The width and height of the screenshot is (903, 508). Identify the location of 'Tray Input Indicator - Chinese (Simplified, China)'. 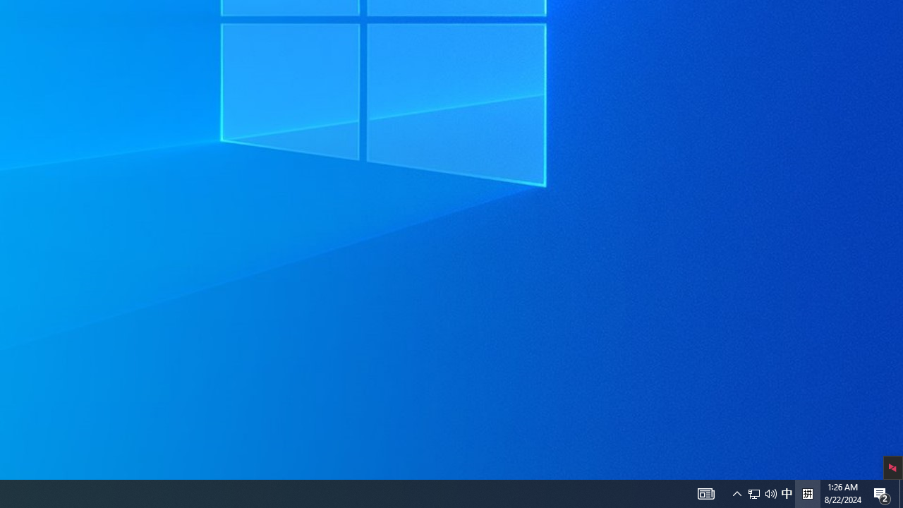
(807, 492).